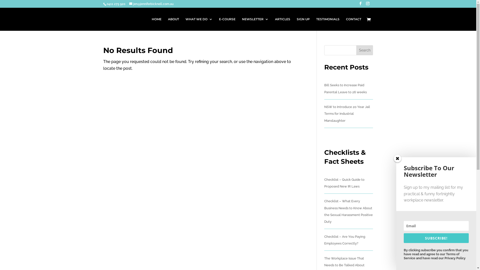  What do you see at coordinates (227, 24) in the screenshot?
I see `'E-COURSE'` at bounding box center [227, 24].